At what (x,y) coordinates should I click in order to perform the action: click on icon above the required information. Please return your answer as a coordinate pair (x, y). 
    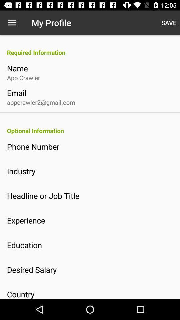
    Looking at the image, I should click on (12, 23).